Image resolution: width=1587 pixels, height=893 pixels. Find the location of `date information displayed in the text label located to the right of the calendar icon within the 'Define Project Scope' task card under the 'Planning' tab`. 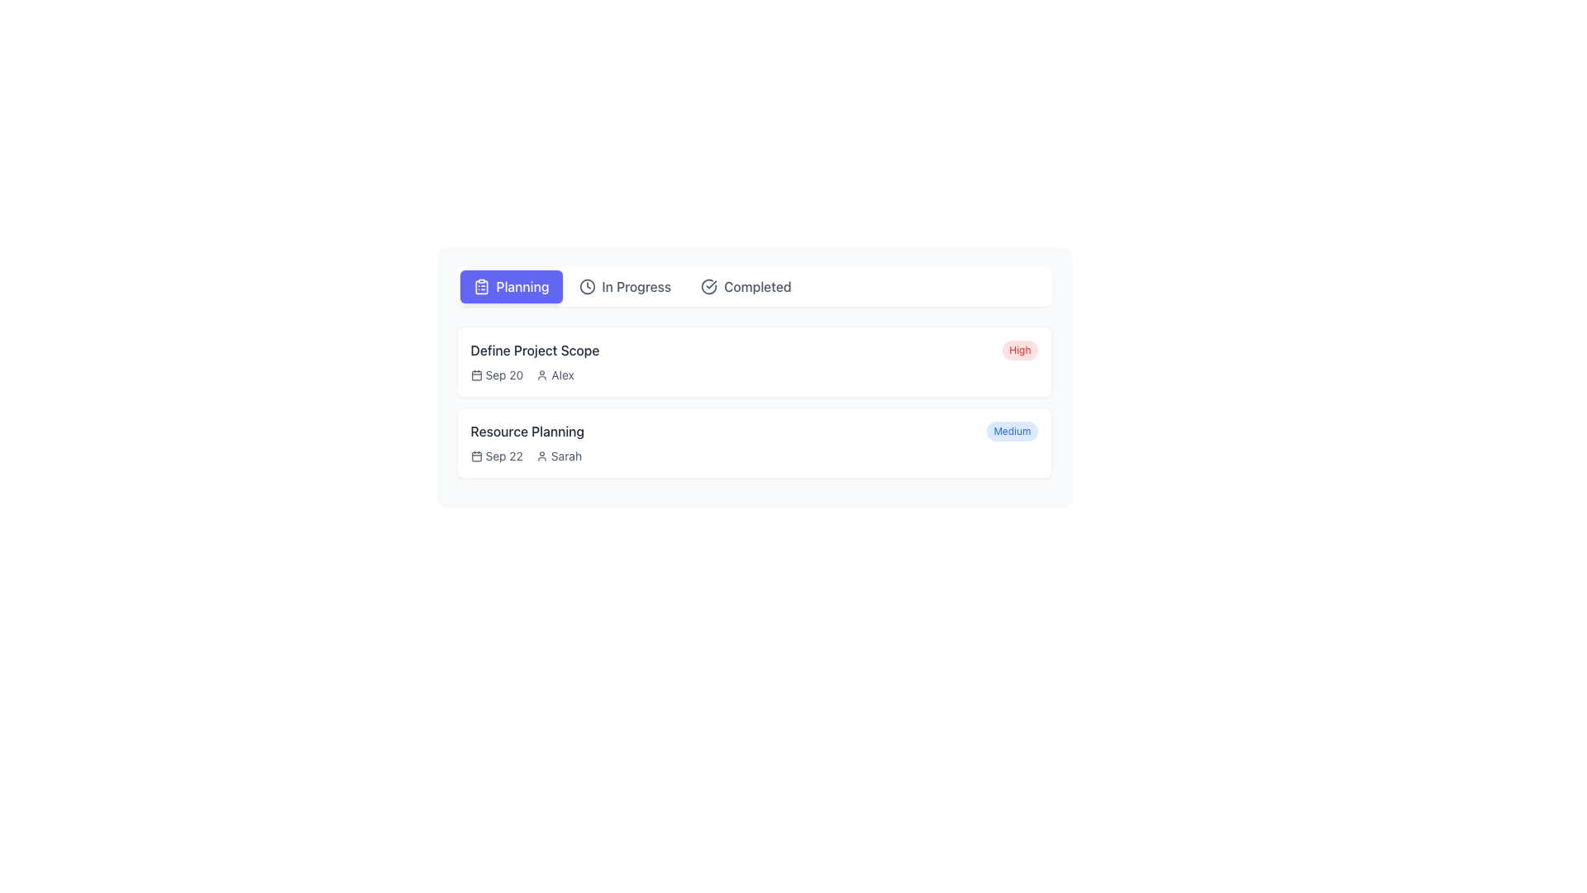

date information displayed in the text label located to the right of the calendar icon within the 'Define Project Scope' task card under the 'Planning' tab is located at coordinates (503, 375).